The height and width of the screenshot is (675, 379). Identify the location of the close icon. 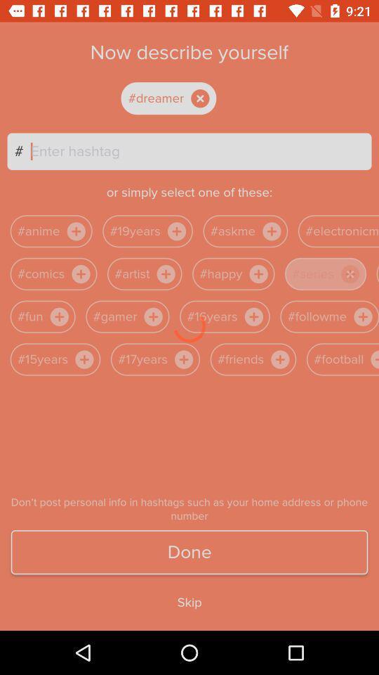
(349, 273).